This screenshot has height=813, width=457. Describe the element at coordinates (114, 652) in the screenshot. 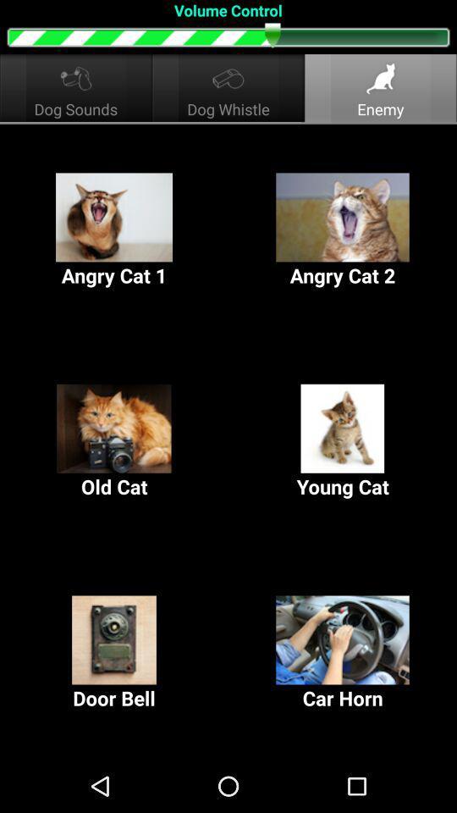

I see `the icon to the left of the car horn item` at that location.